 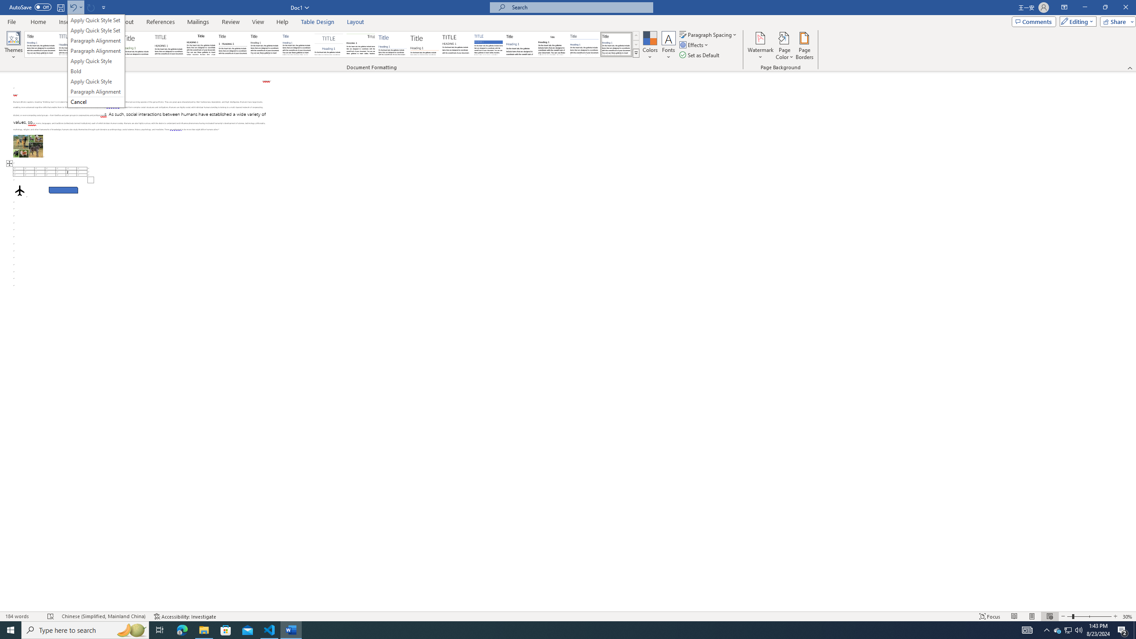 I want to click on 'Lines (Stylish)', so click(x=425, y=44).